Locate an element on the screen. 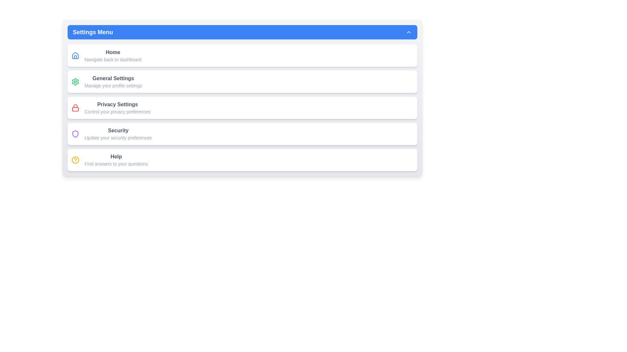  the Privacy Settings title text label, which serves as a title for managing privacy preferences in the application, located near the top of the settings menu is located at coordinates (118, 104).